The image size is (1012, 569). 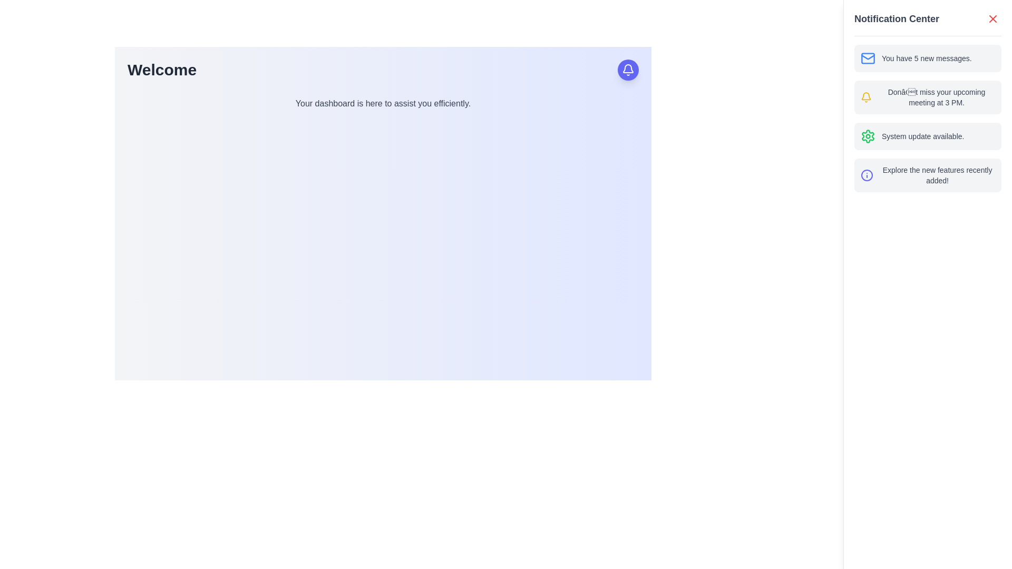 I want to click on the close button located at the top-right corner of the 'Notification Center' panel, so click(x=992, y=18).